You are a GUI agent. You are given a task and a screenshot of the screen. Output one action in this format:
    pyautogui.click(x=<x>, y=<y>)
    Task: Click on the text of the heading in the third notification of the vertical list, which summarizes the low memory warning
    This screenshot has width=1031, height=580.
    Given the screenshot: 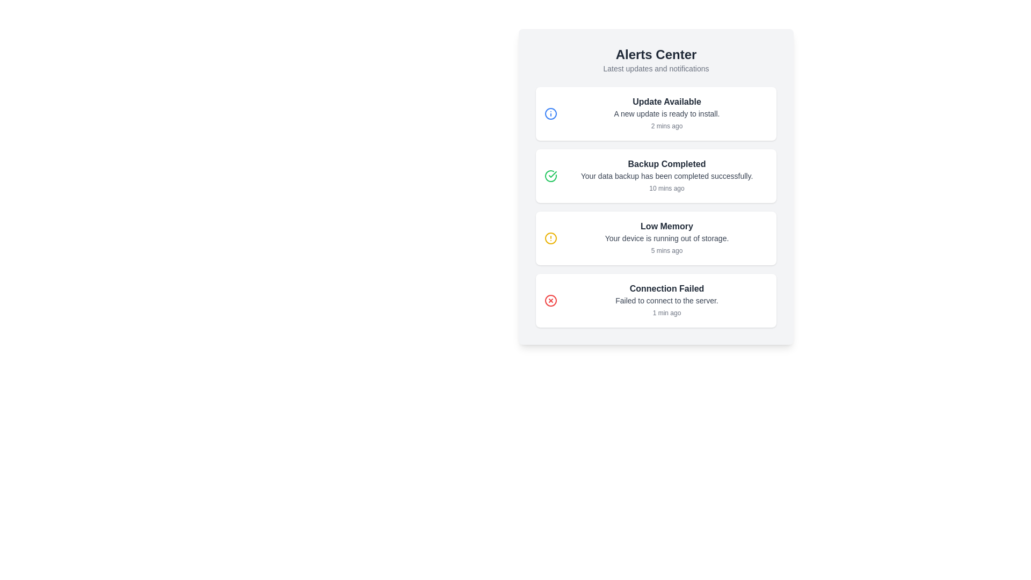 What is the action you would take?
    pyautogui.click(x=666, y=226)
    